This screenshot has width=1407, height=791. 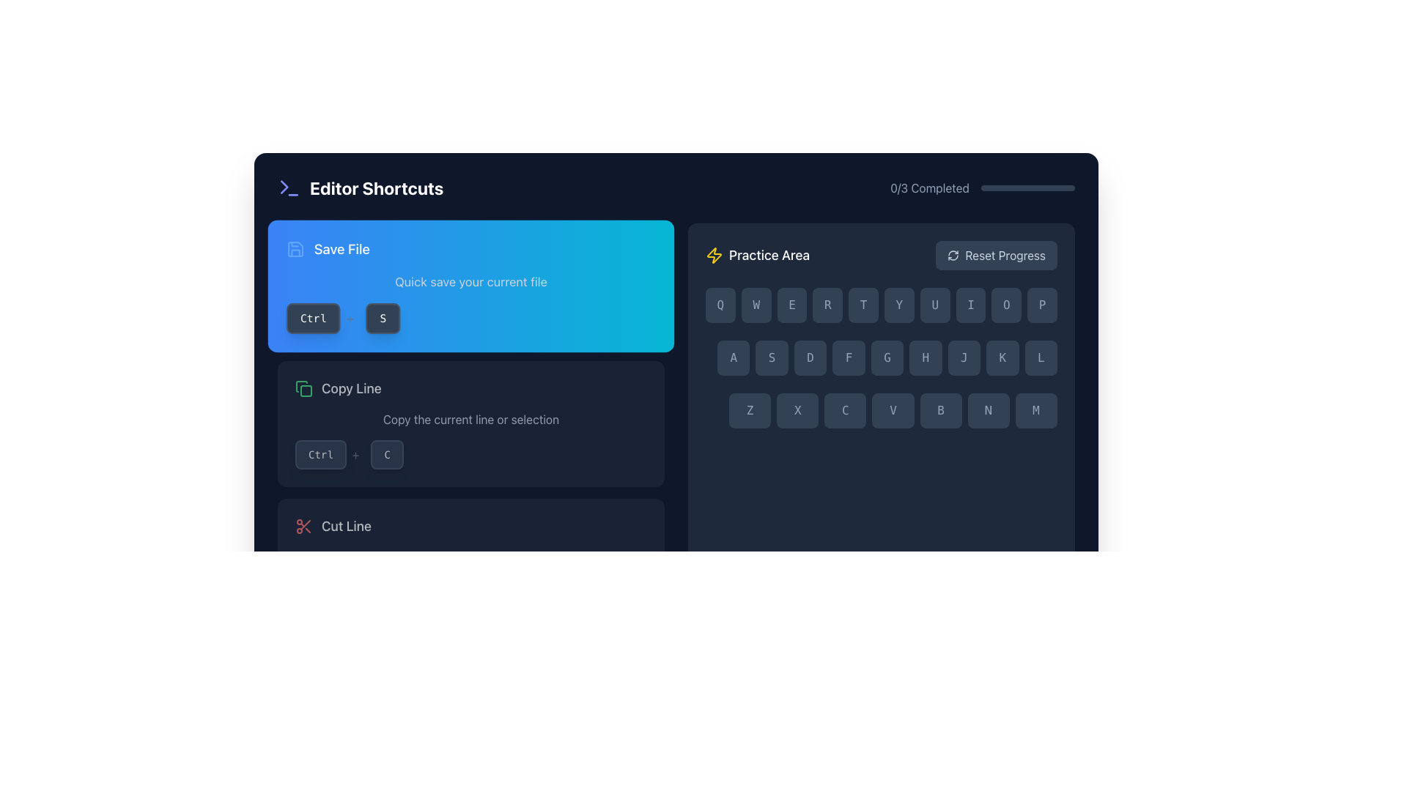 I want to click on the text element that reads 'Copy the current line or selection', which is styled with a light gray font against a dark background, located centrally within the 'Copy Line' component, so click(x=471, y=420).